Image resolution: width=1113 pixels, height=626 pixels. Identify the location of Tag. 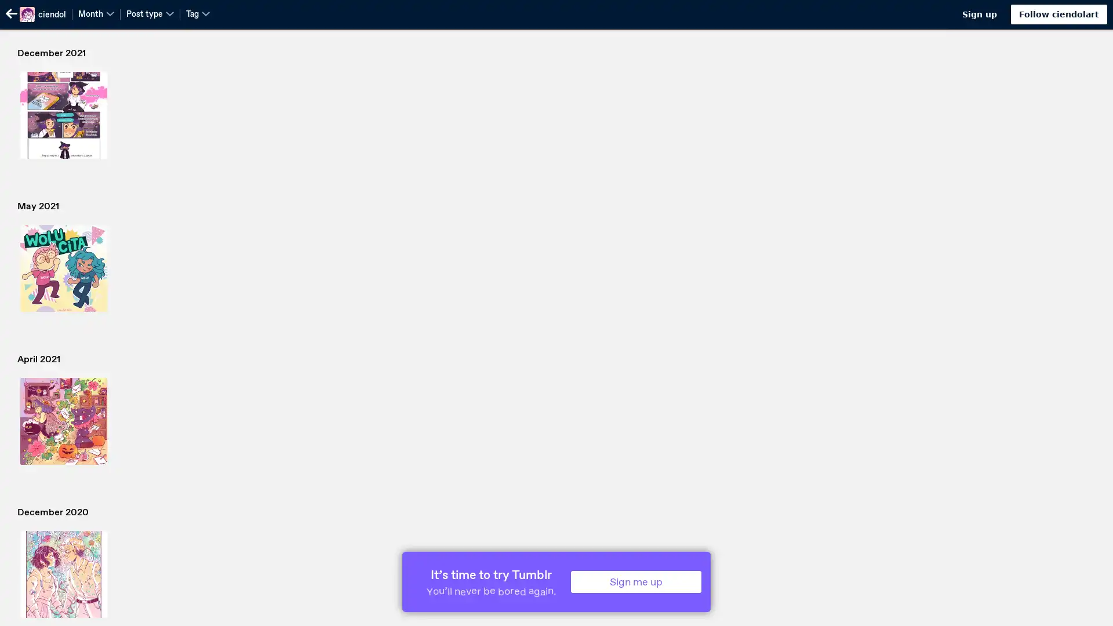
(198, 13).